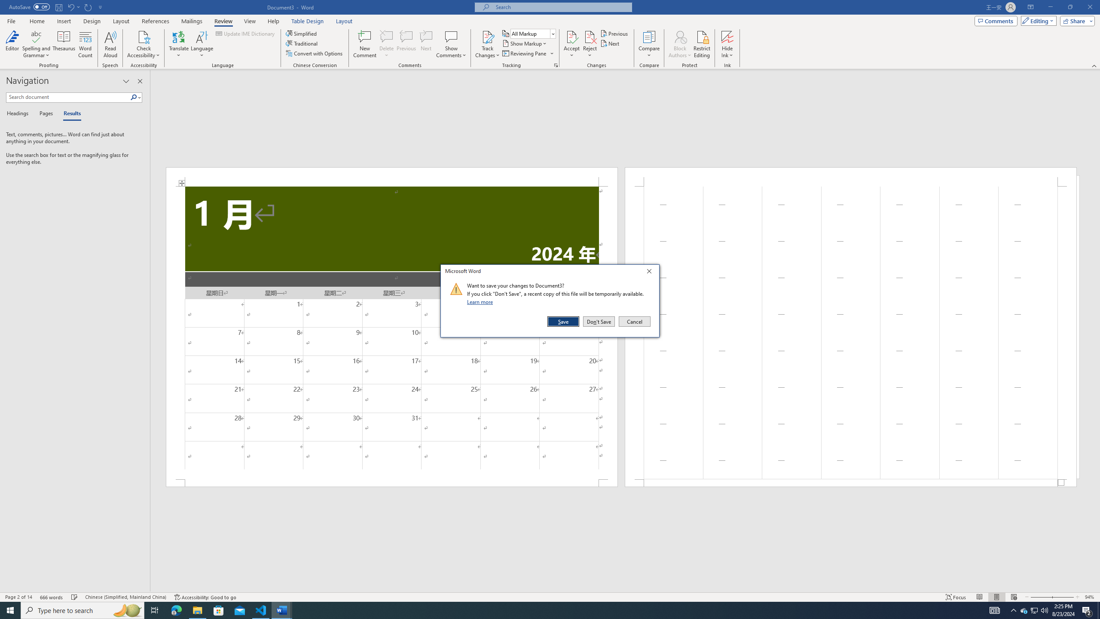 The height and width of the screenshot is (619, 1100). I want to click on 'Microsoft search', so click(560, 7).